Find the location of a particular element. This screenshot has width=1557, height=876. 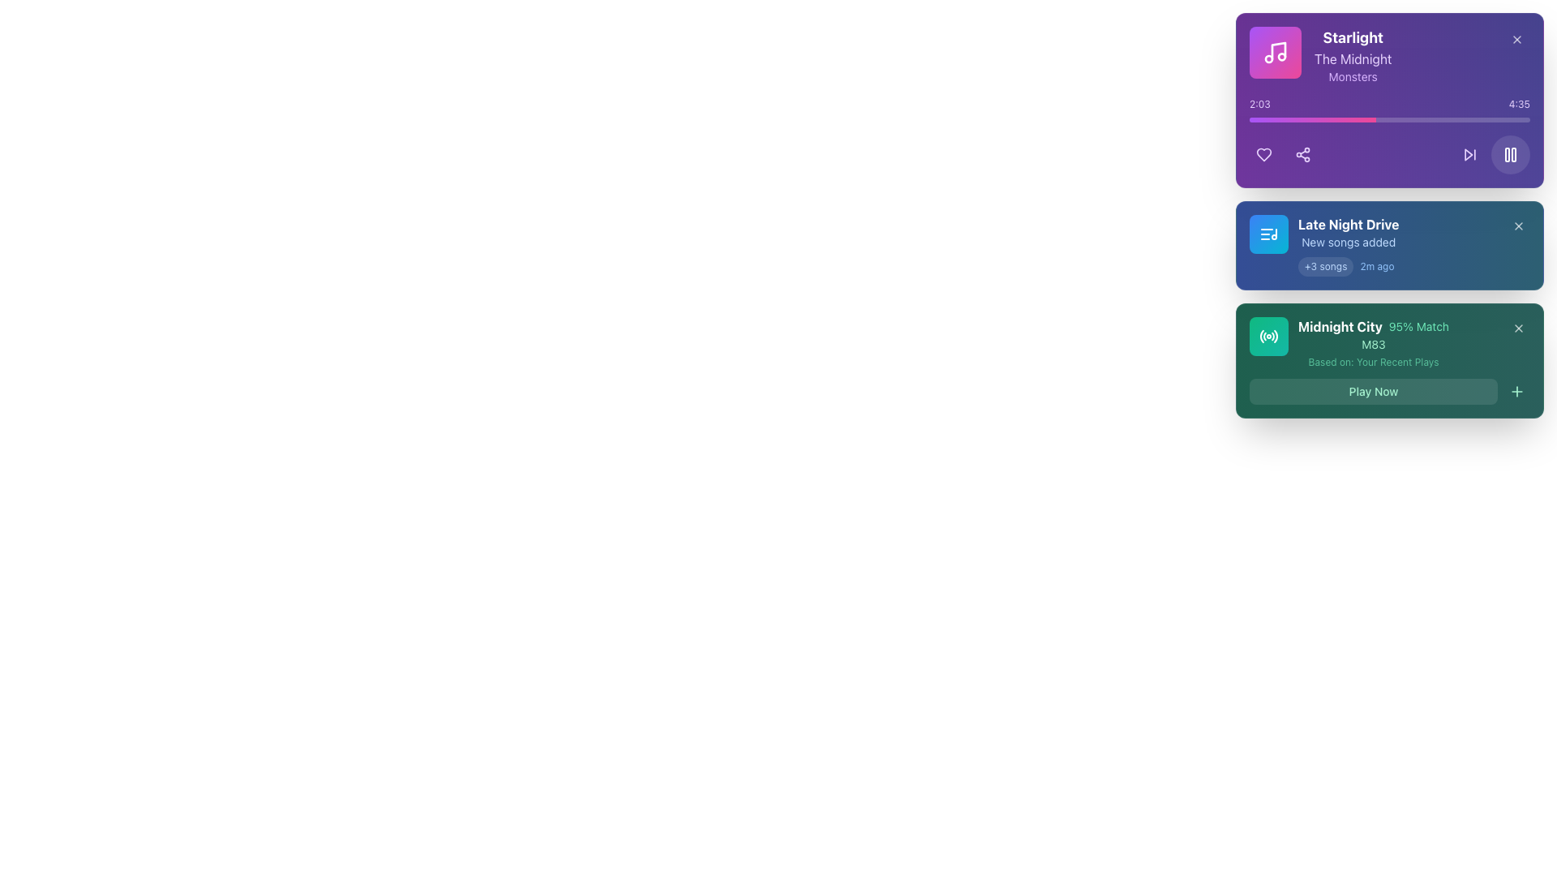

the skip-forward button icon, represented by two overlapping triangles and a vertical bar, located in the top-right portion of the 'Starlight' music card is located at coordinates (1470, 155).